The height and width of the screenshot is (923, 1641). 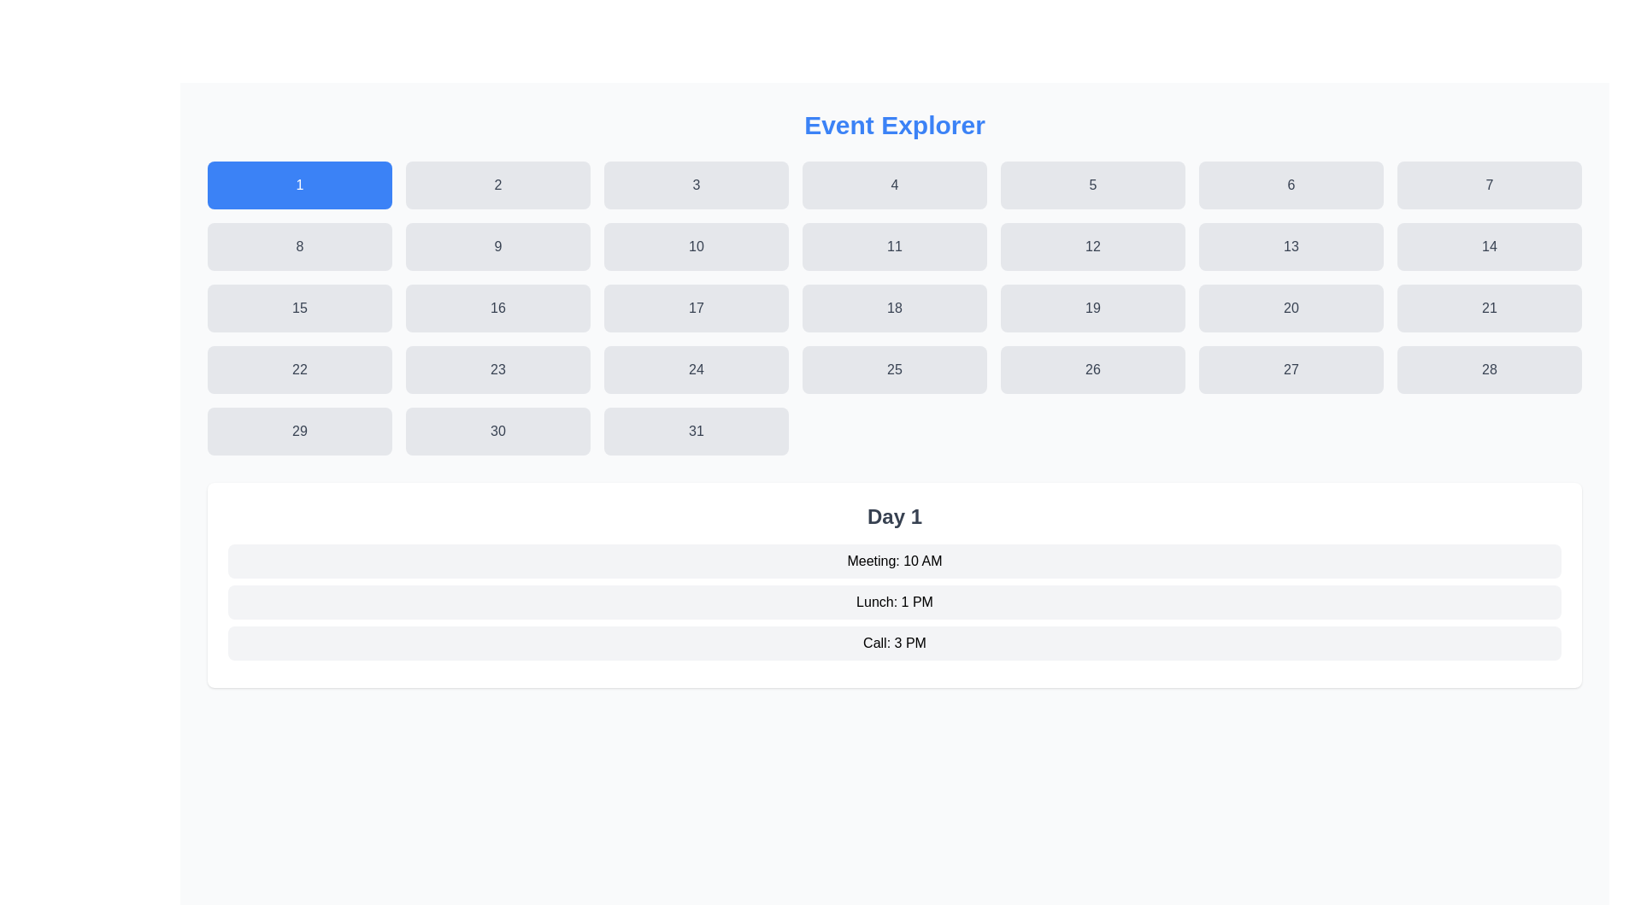 I want to click on the button located in the fourth row and sixth column of a 7-column grid, adjacent to buttons '20' and '22', so click(x=1488, y=309).